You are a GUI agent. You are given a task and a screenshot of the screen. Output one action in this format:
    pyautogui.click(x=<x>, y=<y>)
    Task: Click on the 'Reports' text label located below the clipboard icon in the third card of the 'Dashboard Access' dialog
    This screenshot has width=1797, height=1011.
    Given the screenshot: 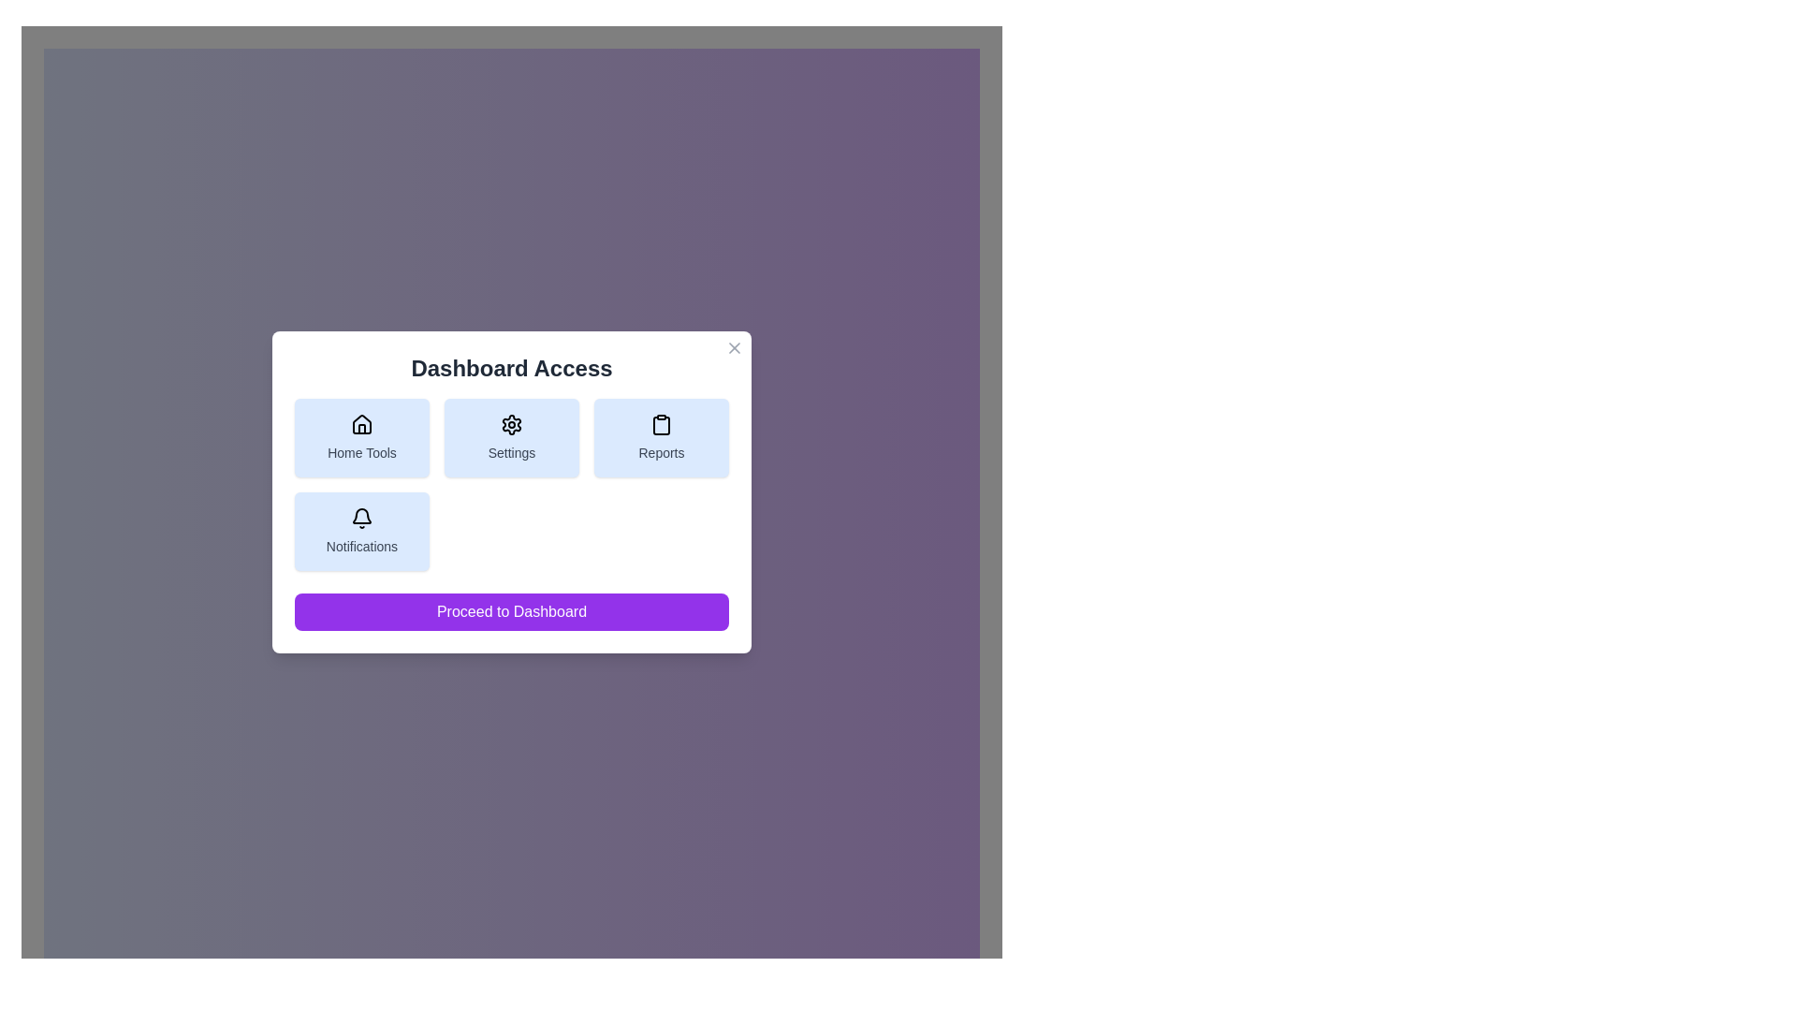 What is the action you would take?
    pyautogui.click(x=661, y=452)
    